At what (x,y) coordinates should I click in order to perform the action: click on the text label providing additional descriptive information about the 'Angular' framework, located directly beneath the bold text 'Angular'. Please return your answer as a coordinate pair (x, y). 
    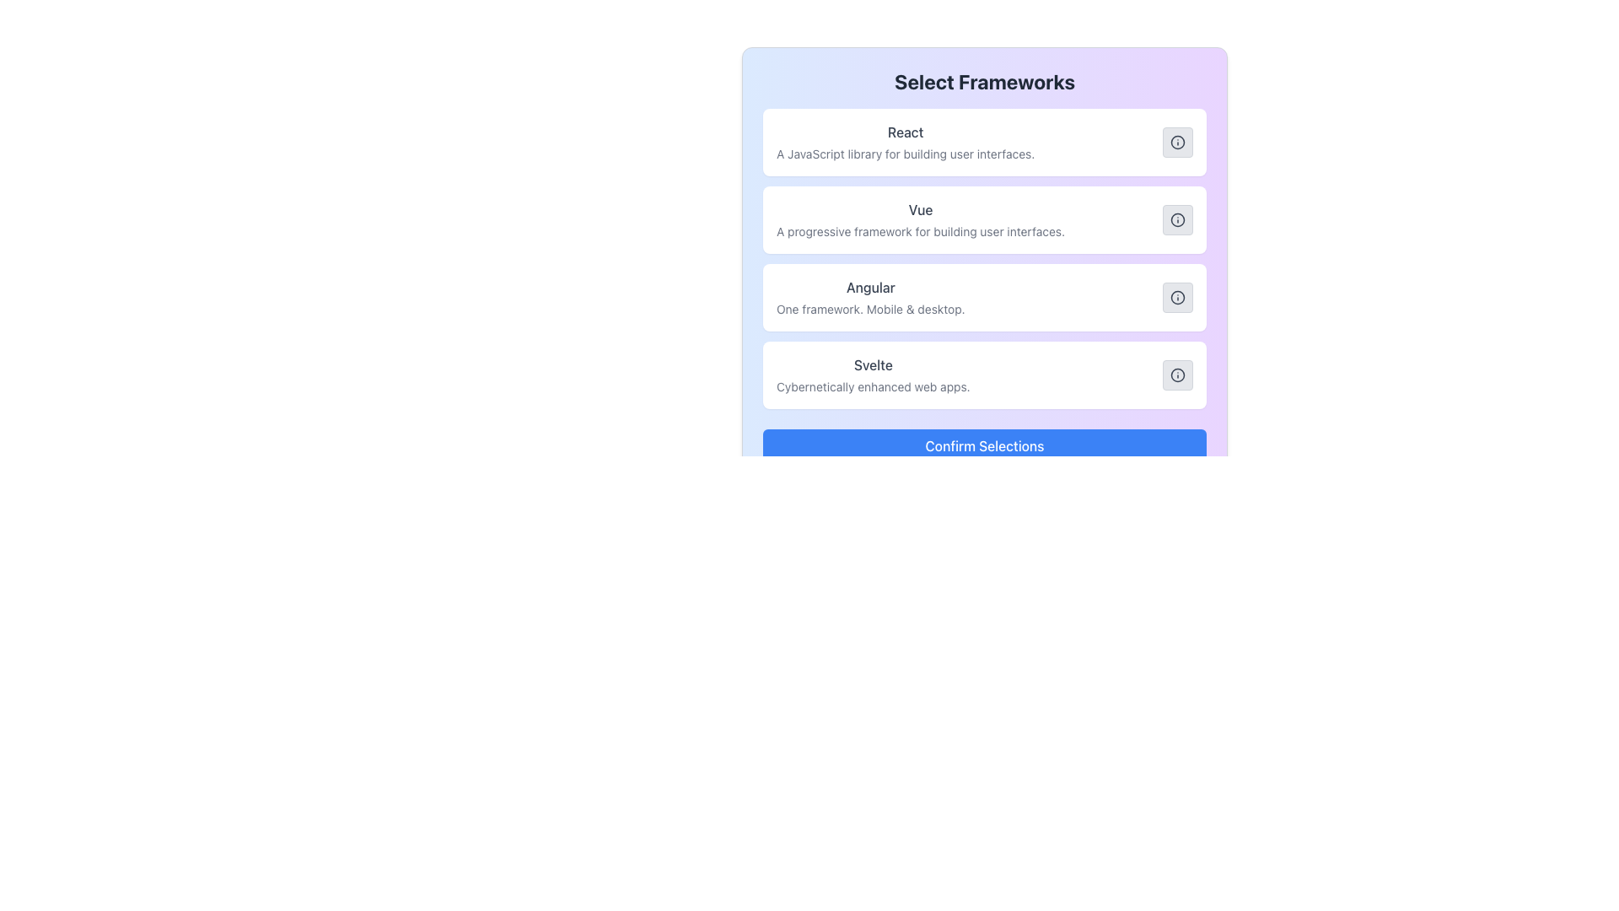
    Looking at the image, I should click on (870, 309).